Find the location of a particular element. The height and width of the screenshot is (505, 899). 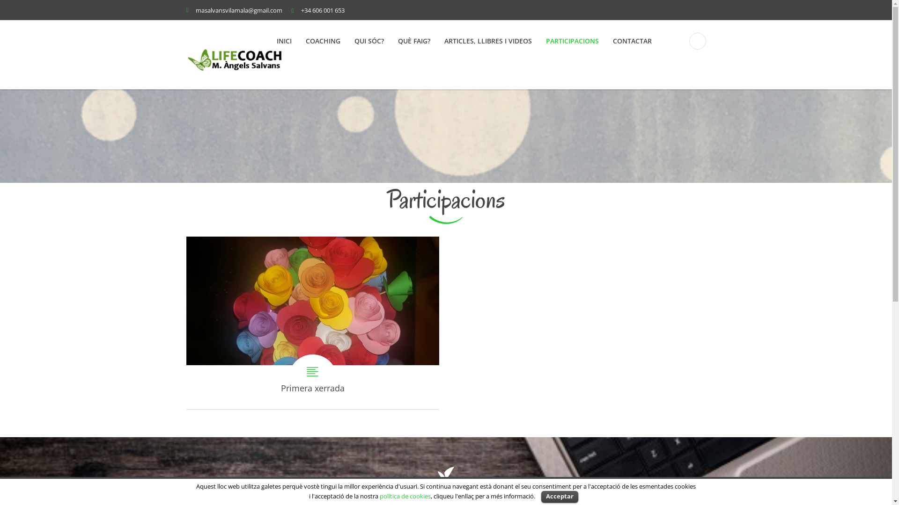

'Acceptar' is located at coordinates (560, 496).